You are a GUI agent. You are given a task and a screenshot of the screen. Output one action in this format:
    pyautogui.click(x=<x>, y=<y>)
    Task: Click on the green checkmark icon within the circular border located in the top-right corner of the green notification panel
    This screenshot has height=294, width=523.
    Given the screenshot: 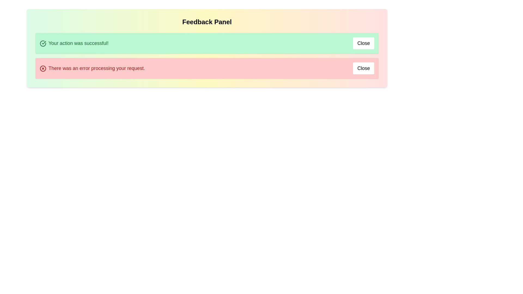 What is the action you would take?
    pyautogui.click(x=44, y=42)
    